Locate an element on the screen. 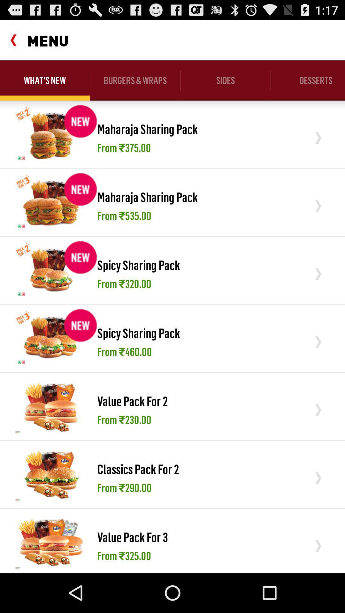 The image size is (345, 613). icon to the left of the spicy sharing pack item is located at coordinates (51, 337).